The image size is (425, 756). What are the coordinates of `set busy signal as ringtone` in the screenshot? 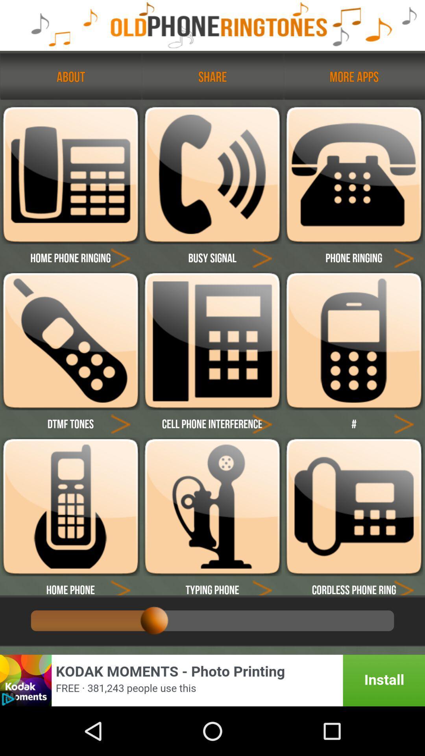 It's located at (212, 174).